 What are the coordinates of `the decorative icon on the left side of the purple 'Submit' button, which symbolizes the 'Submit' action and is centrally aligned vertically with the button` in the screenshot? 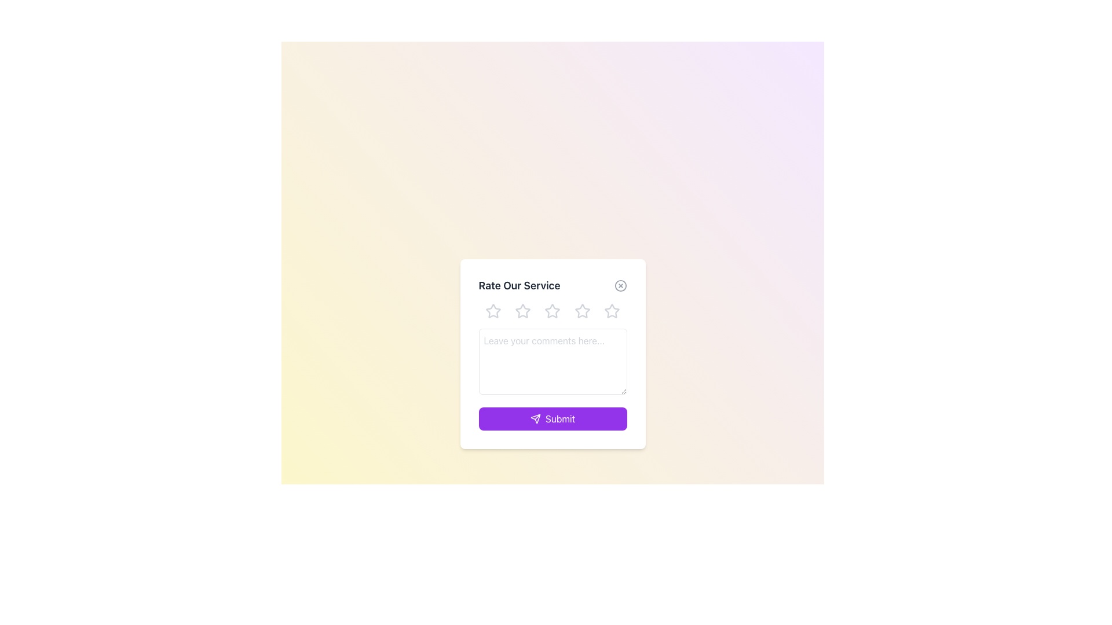 It's located at (535, 419).